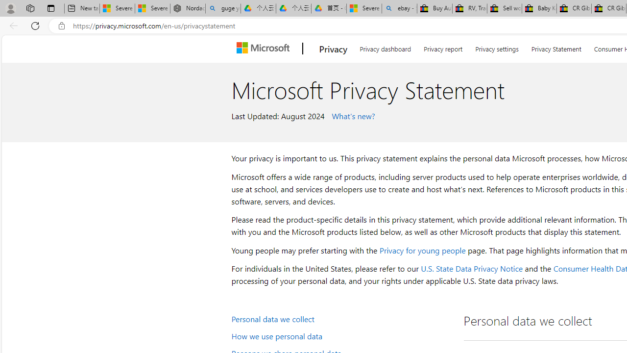 The height and width of the screenshot is (353, 627). I want to click on ' What', so click(352, 115).